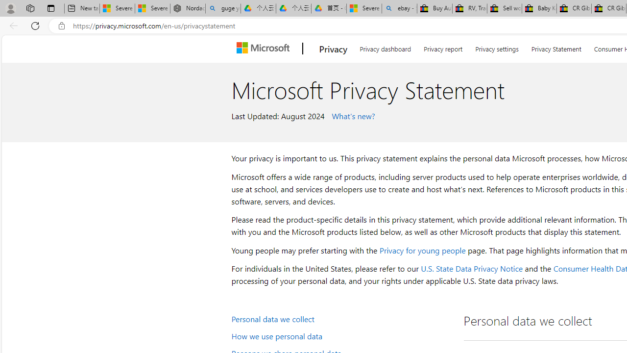 The height and width of the screenshot is (353, 627). I want to click on ' What', so click(352, 115).